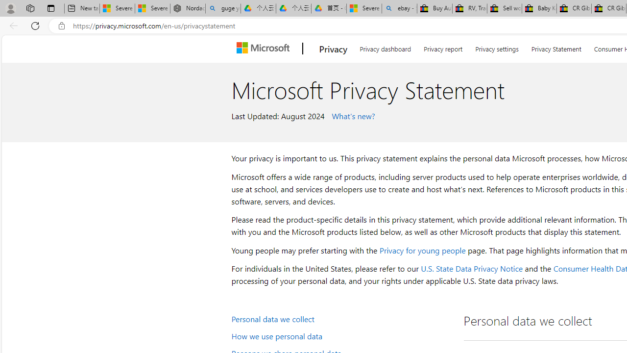 The height and width of the screenshot is (353, 627). I want to click on ' What', so click(352, 115).